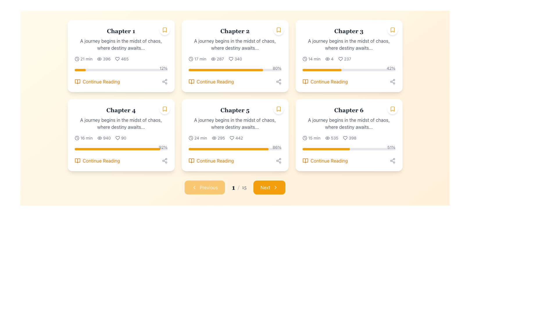 The width and height of the screenshot is (558, 314). I want to click on the heart icon that serves as a visual indicator for likes or favorites, located to the left of the number '340' in the card titled 'Chapter 2', so click(230, 59).